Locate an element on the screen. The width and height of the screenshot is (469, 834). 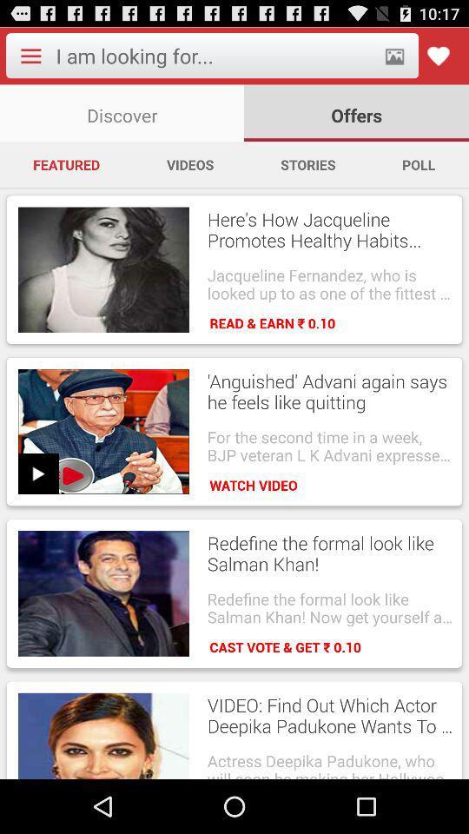
the menu icon is located at coordinates (30, 59).